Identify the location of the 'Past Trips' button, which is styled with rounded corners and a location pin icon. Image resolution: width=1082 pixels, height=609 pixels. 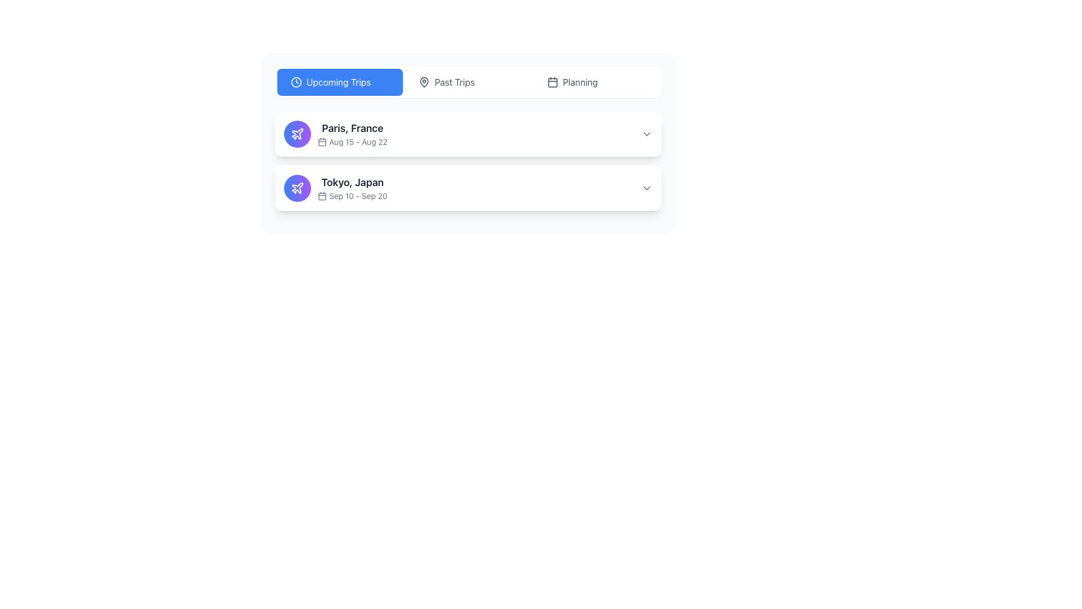
(468, 82).